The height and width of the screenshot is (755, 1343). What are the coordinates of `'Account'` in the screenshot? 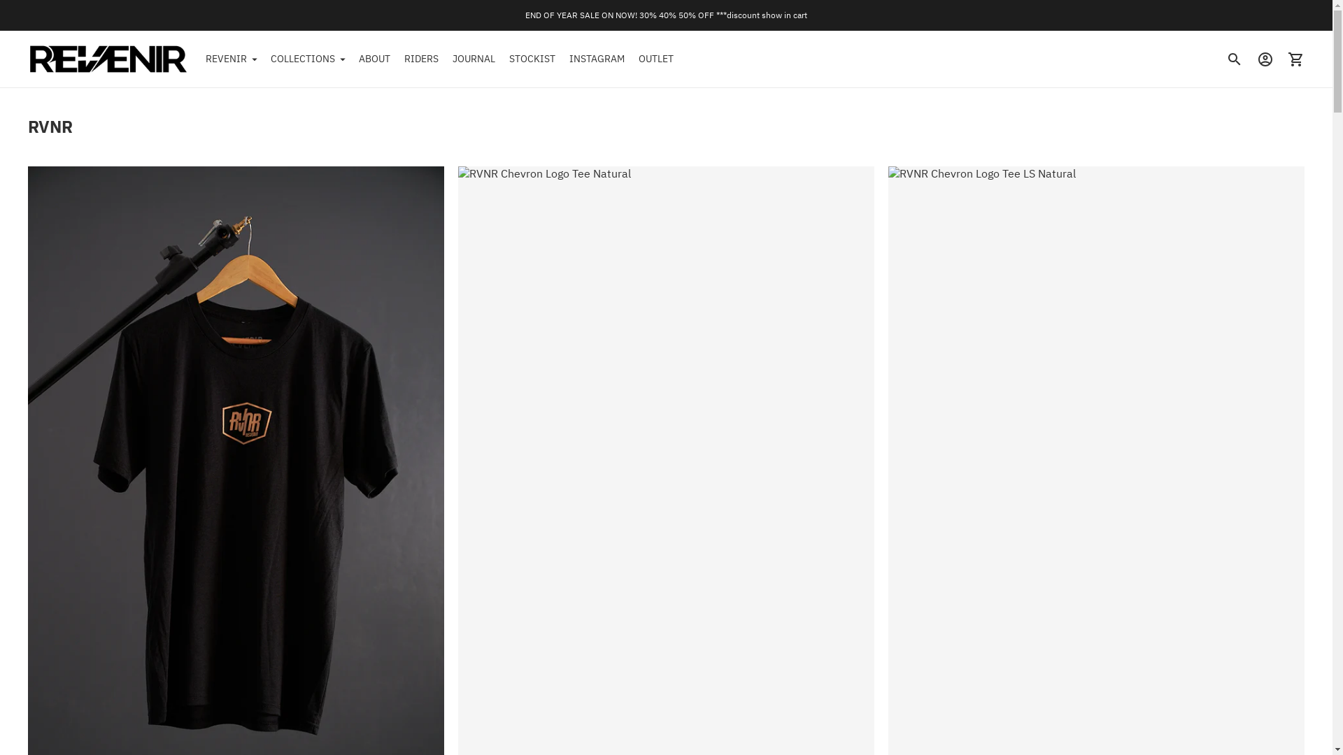 It's located at (1265, 58).